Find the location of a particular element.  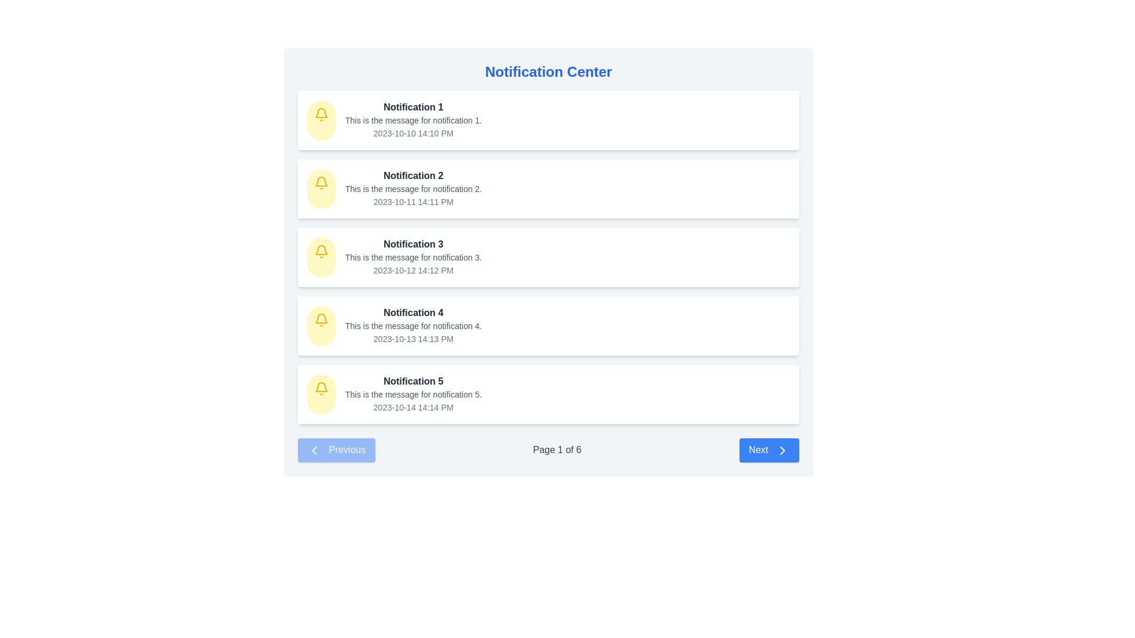

the decorative part of the bell illustration within the third notification's icon in the Notification Center interface is located at coordinates (321, 249).